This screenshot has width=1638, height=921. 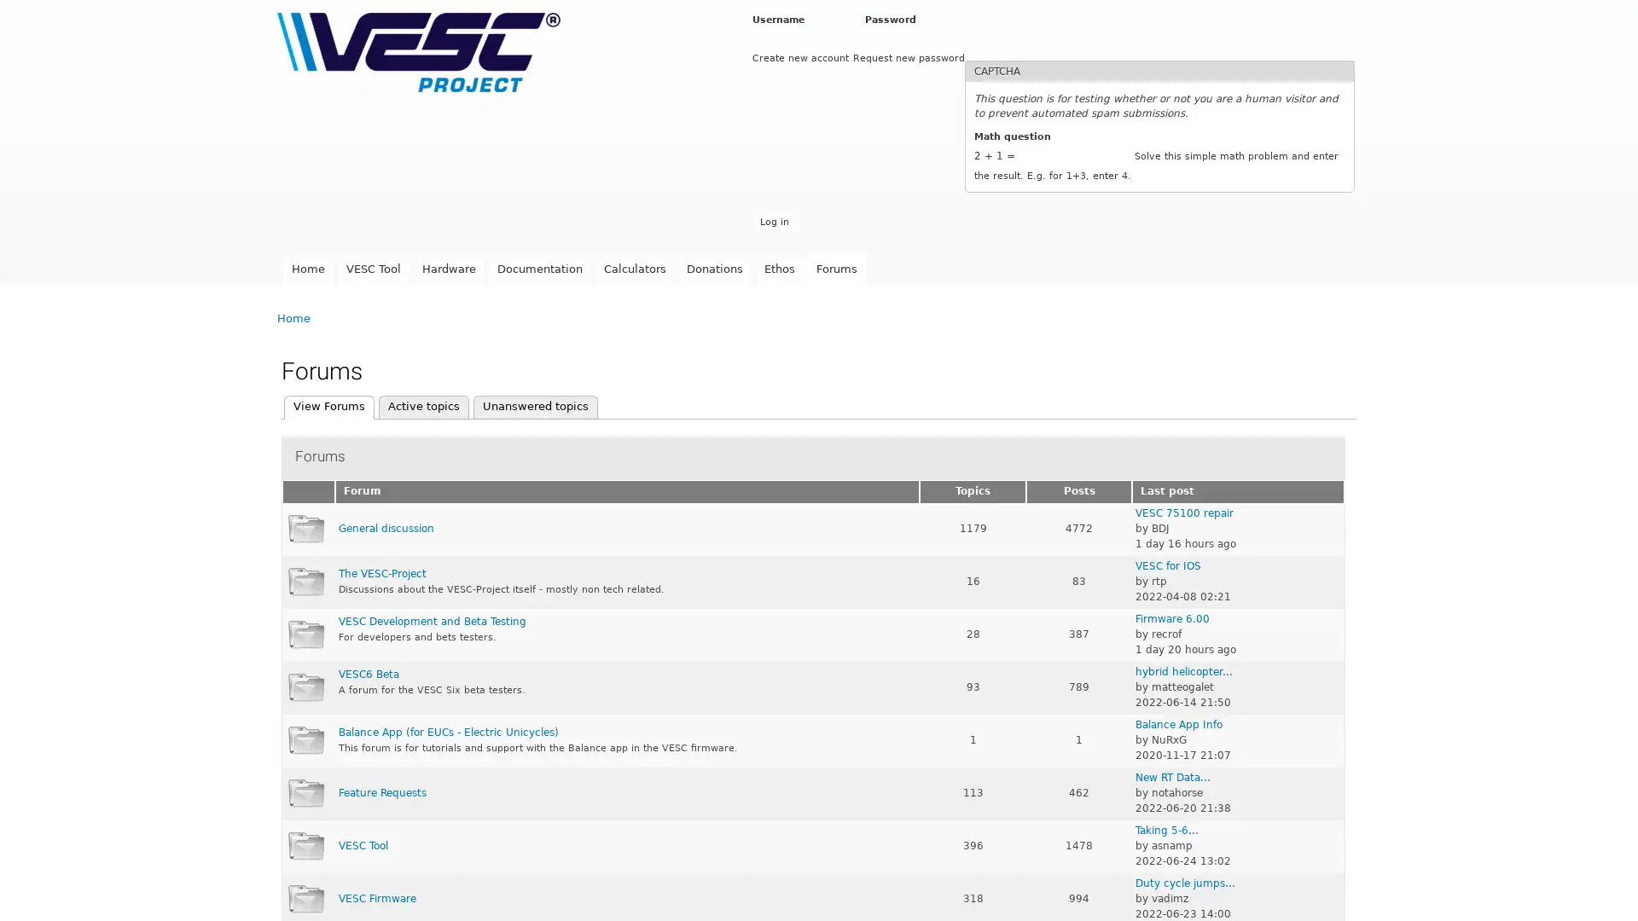 What do you see at coordinates (773, 221) in the screenshot?
I see `Log in` at bounding box center [773, 221].